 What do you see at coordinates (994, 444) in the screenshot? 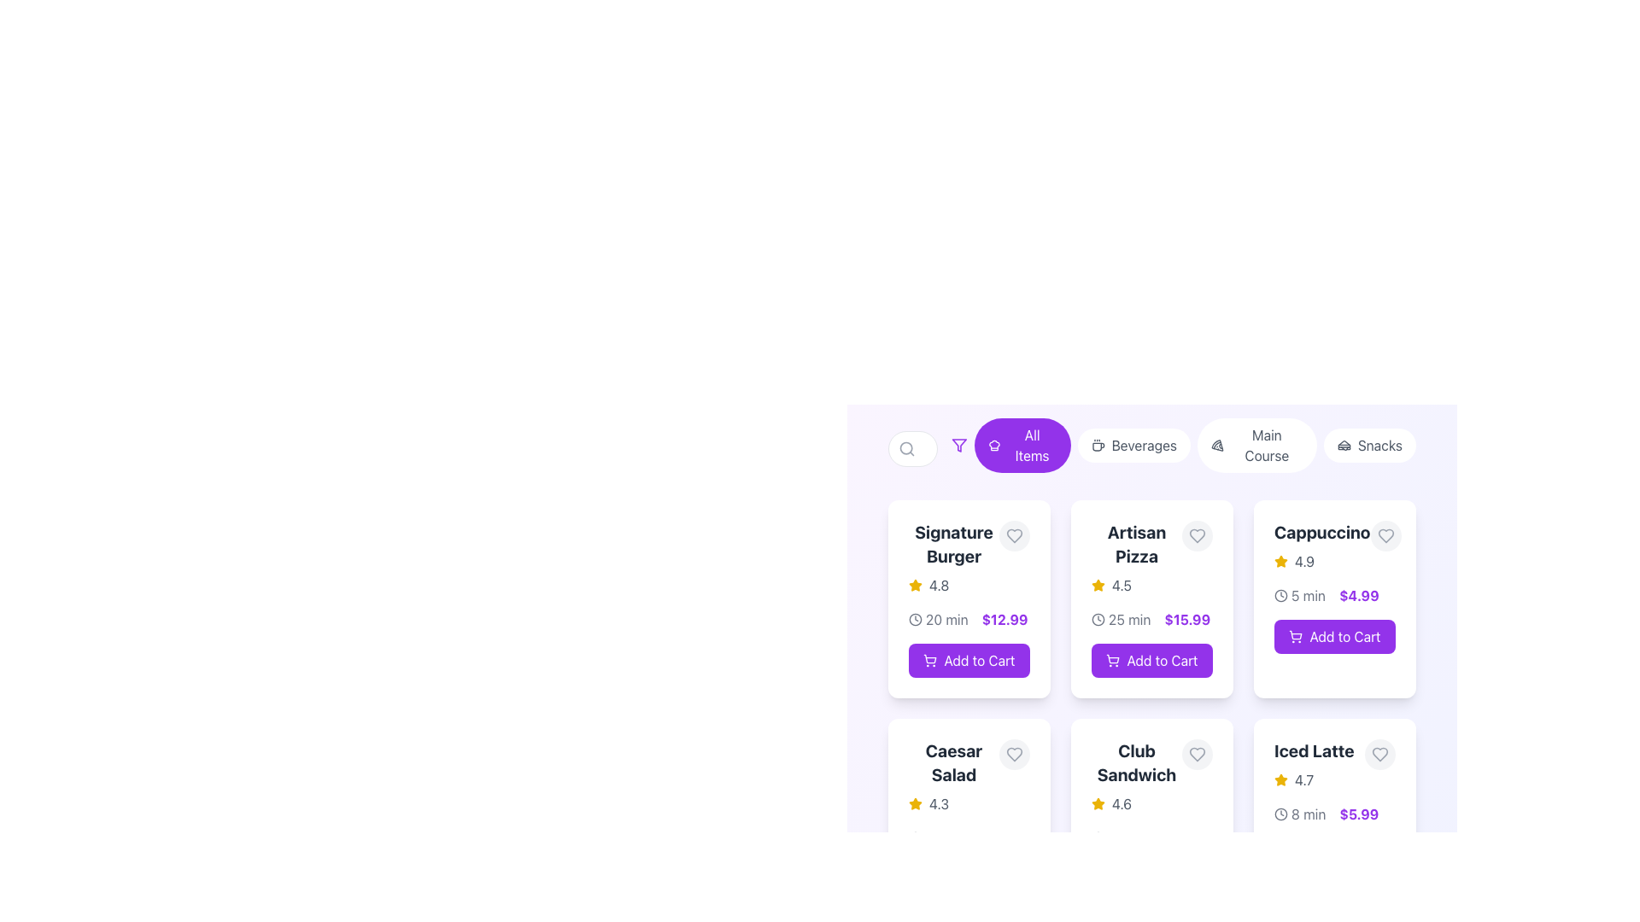
I see `the decorative icon for the 'All Items' category, located in the upper-right quadrant of the interface, to interact with the category` at bounding box center [994, 444].